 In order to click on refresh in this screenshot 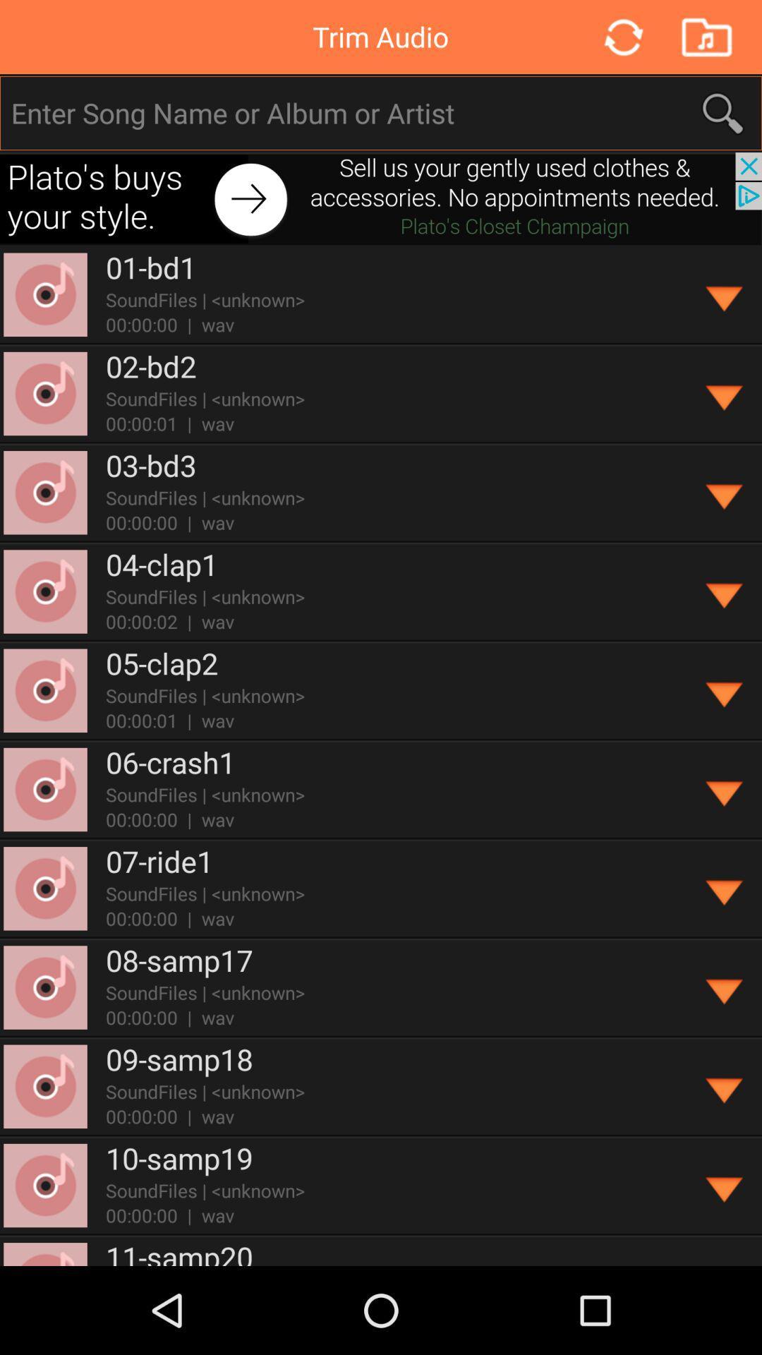, I will do `click(622, 37)`.